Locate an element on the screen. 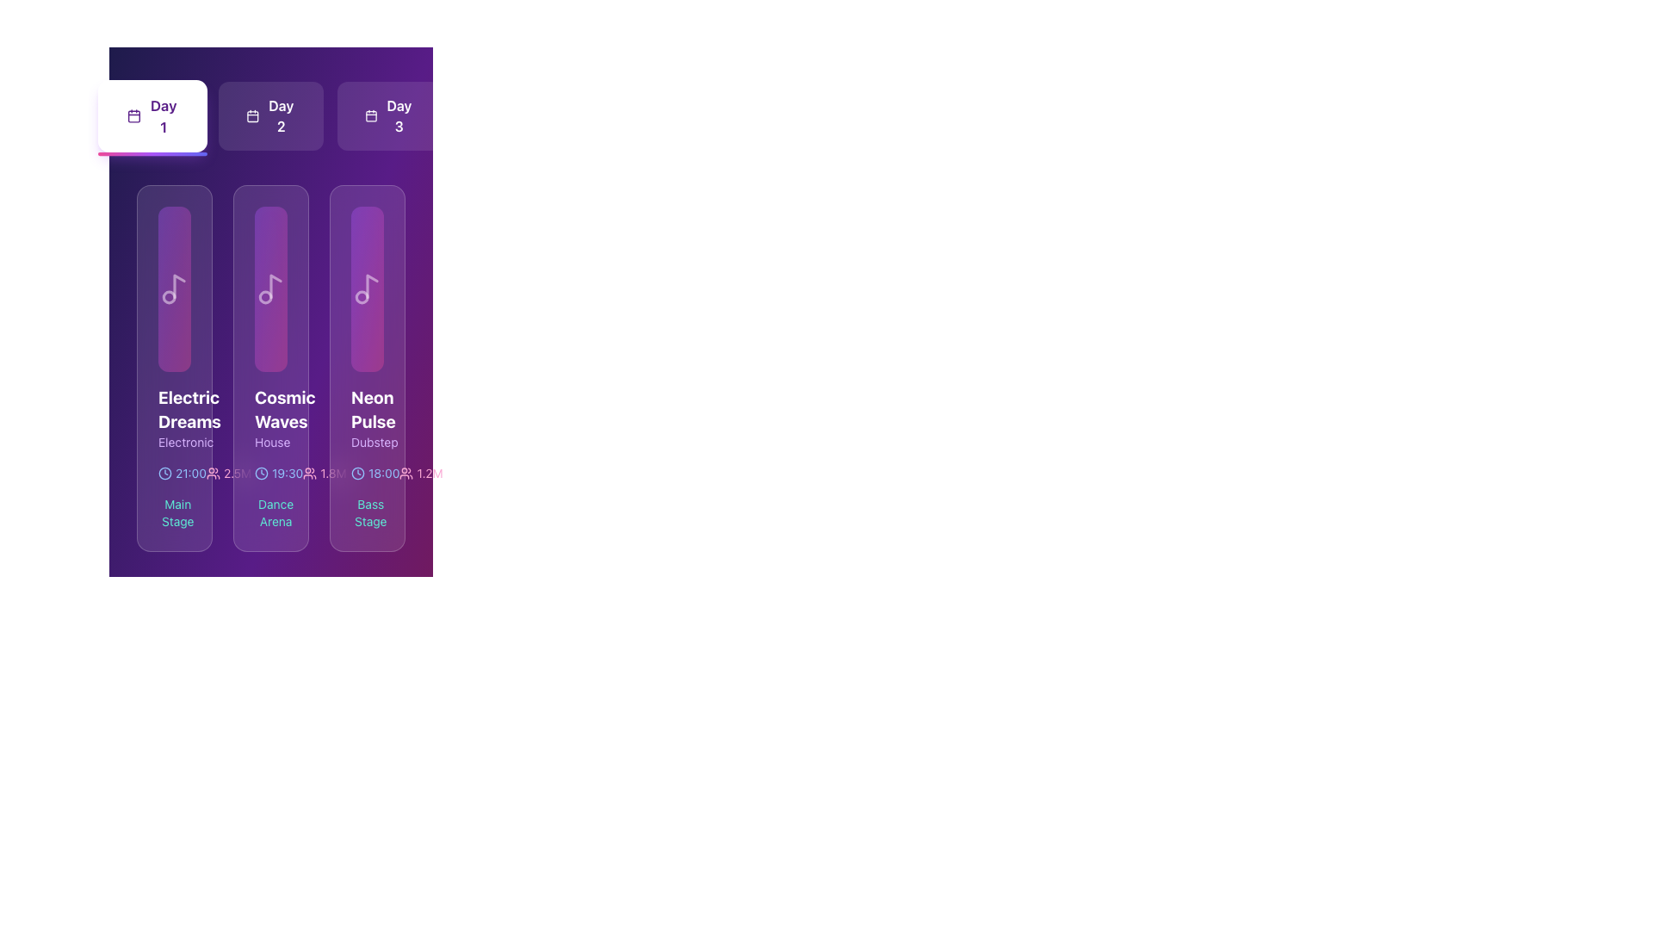  keyboard navigation is located at coordinates (388, 116).